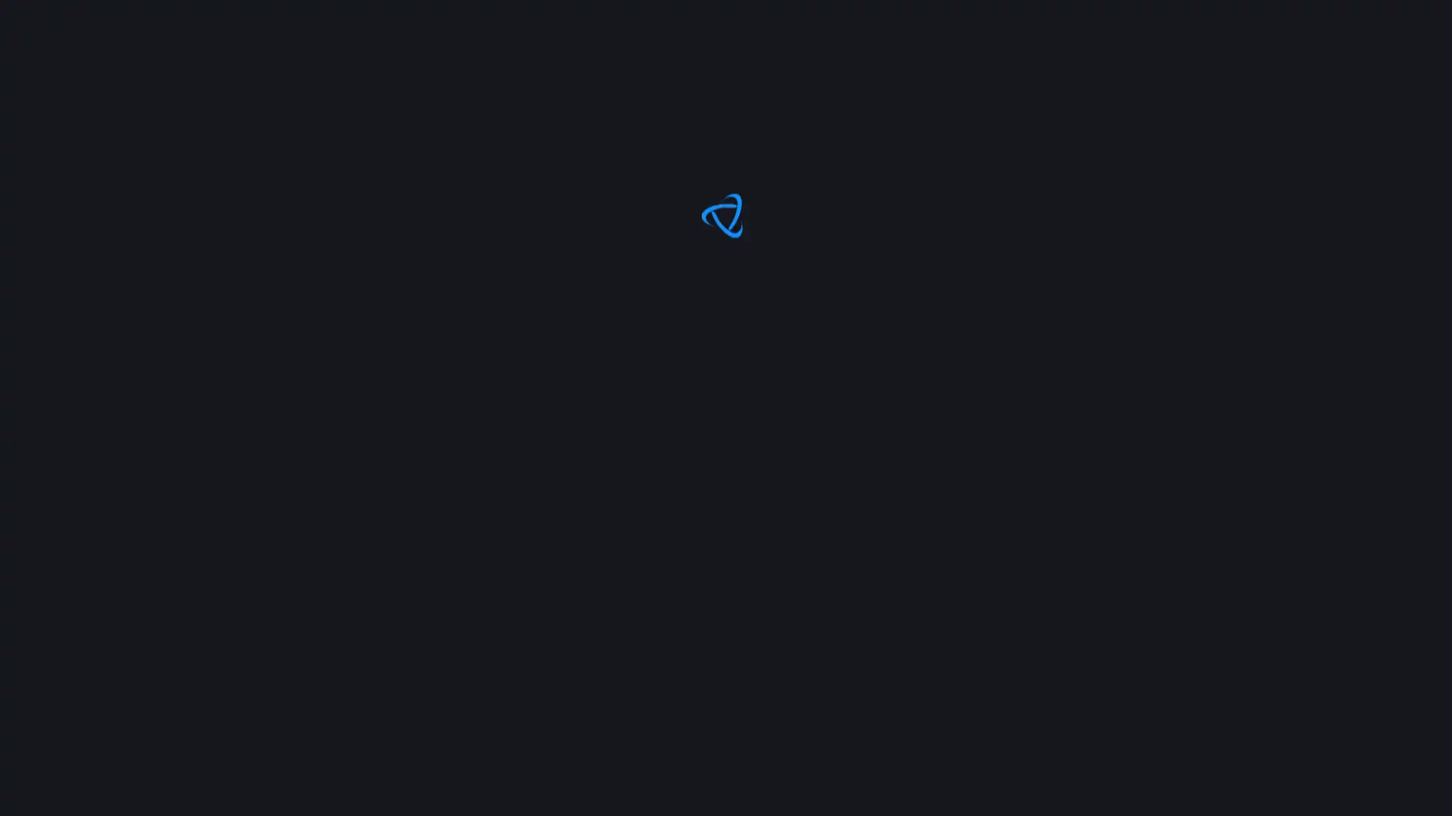  What do you see at coordinates (169, 85) in the screenshot?
I see `Browse` at bounding box center [169, 85].